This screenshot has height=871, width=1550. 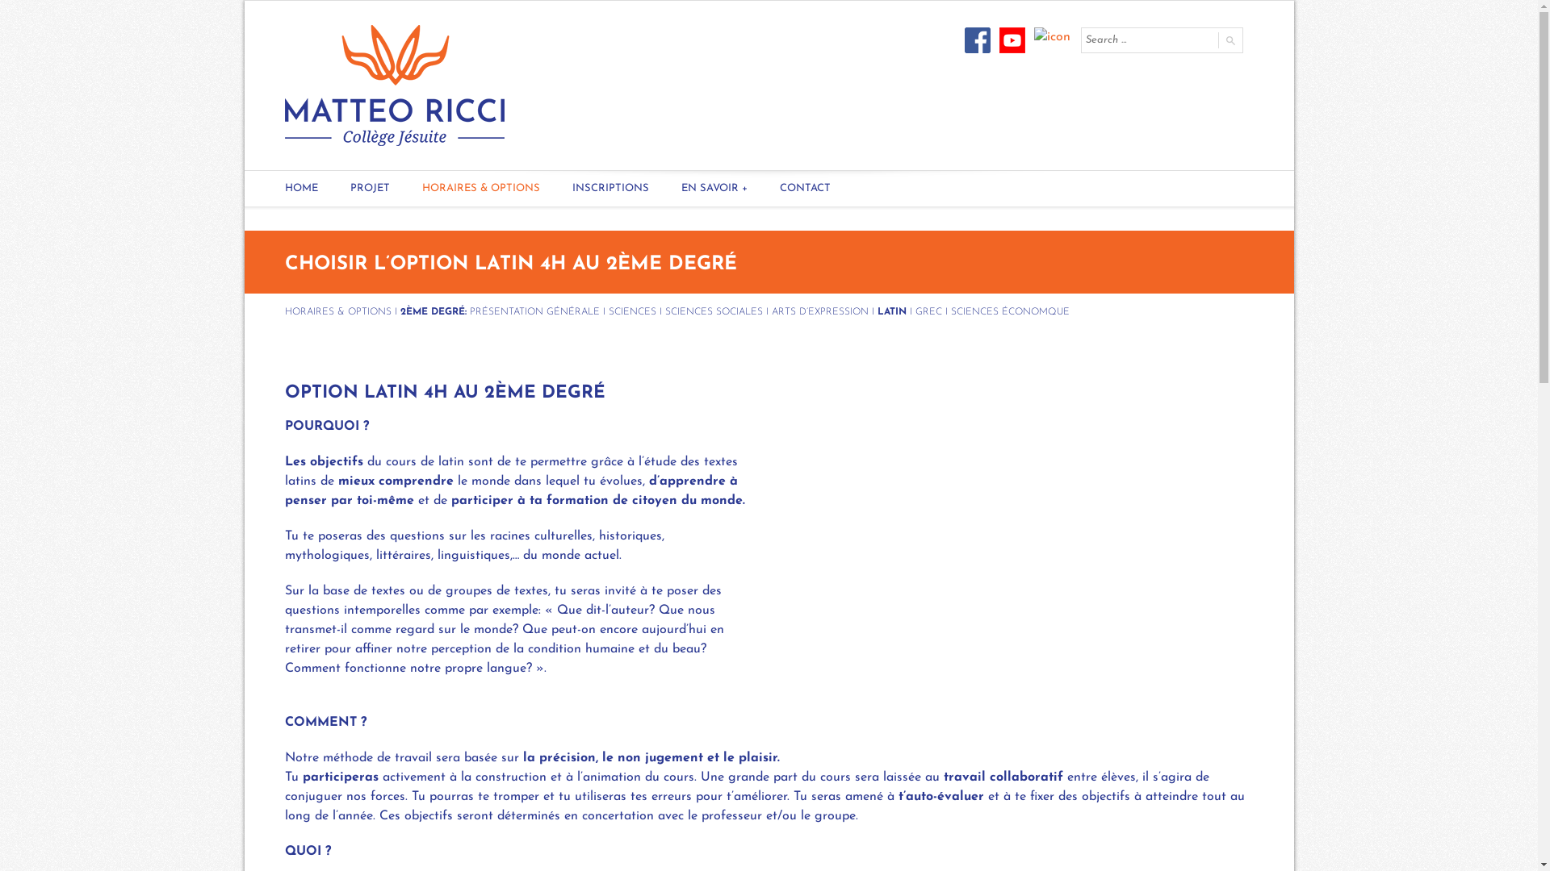 I want to click on 'Search', so click(x=1228, y=40).